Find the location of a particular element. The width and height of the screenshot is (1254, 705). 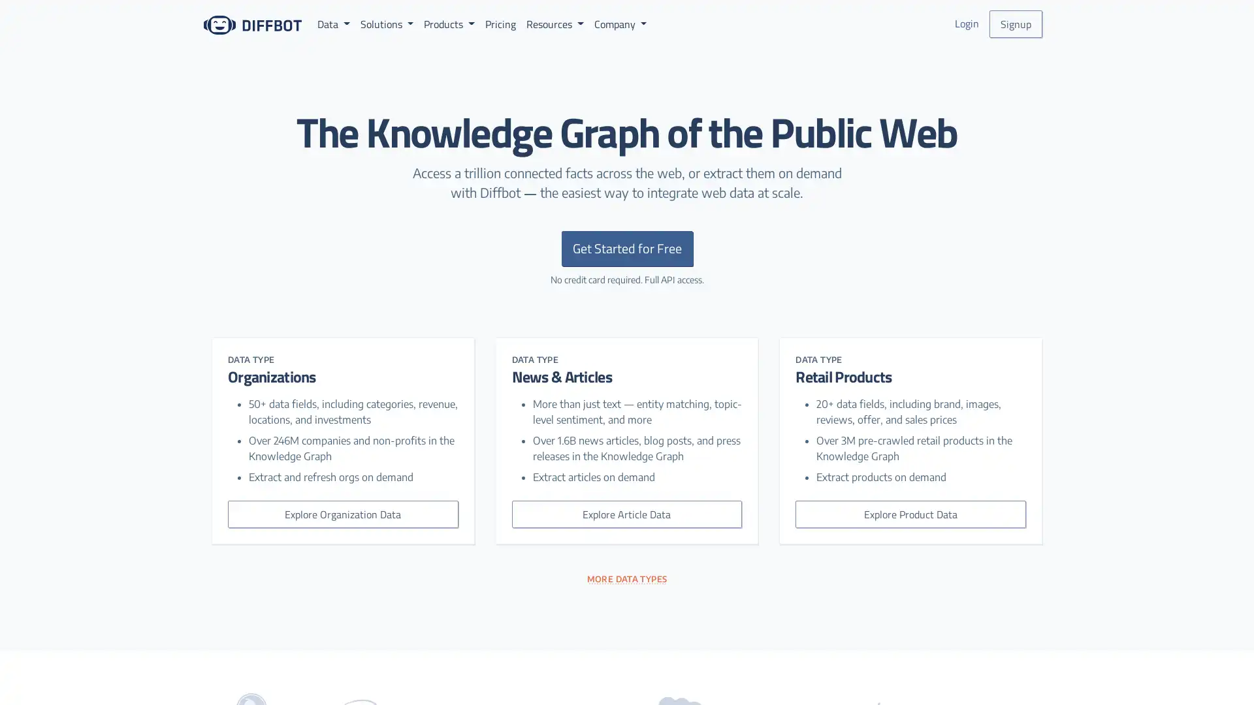

Solutions is located at coordinates (385, 24).